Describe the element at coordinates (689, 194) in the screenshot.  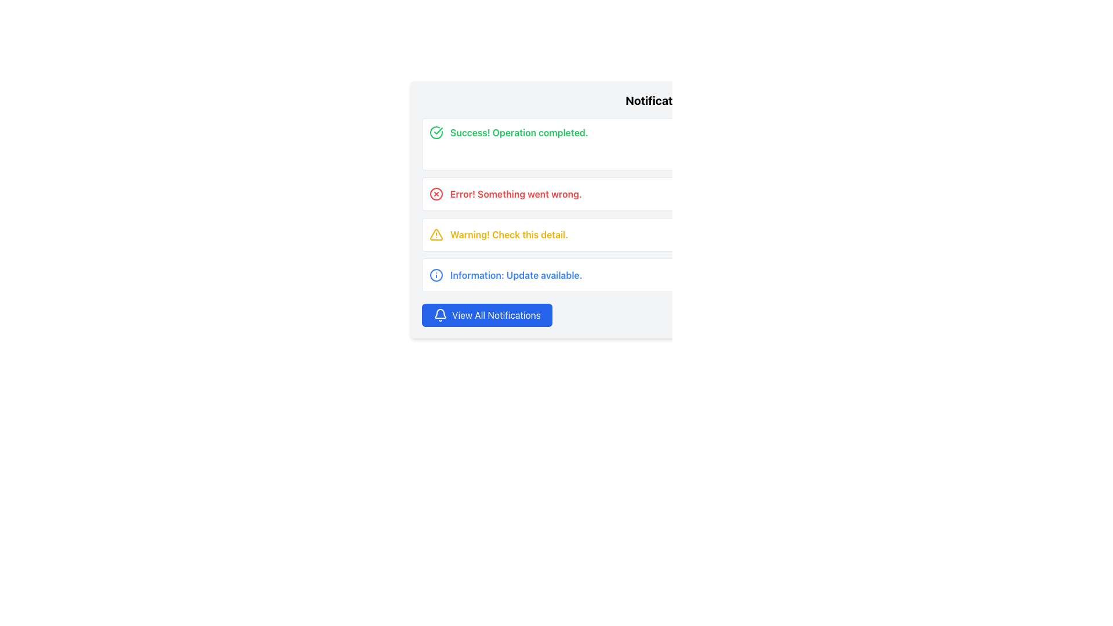
I see `the second notification card in the Notification Dashboard` at that location.